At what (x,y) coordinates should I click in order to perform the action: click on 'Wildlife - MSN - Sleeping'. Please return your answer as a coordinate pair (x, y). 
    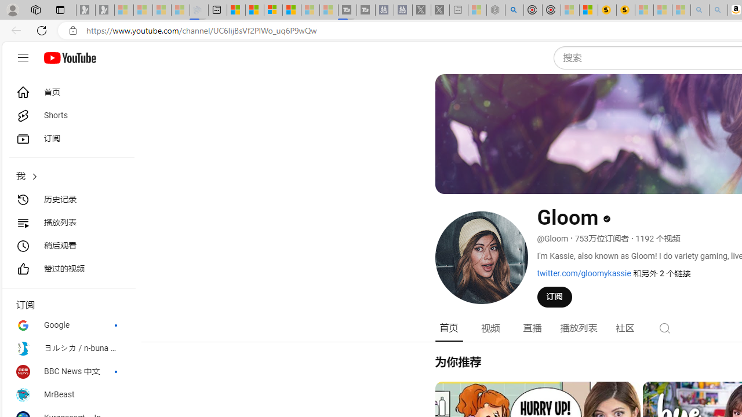
    Looking at the image, I should click on (477, 10).